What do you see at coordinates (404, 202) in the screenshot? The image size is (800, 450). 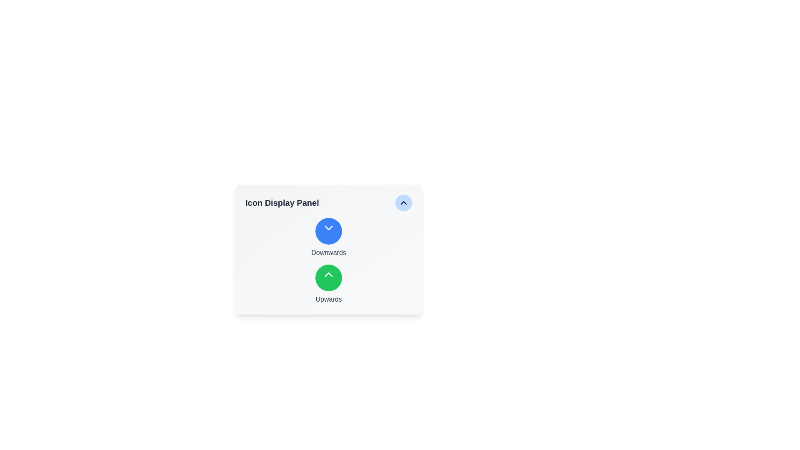 I see `the interactive button in the top-right corner of the 'Icon Display Panel'` at bounding box center [404, 202].